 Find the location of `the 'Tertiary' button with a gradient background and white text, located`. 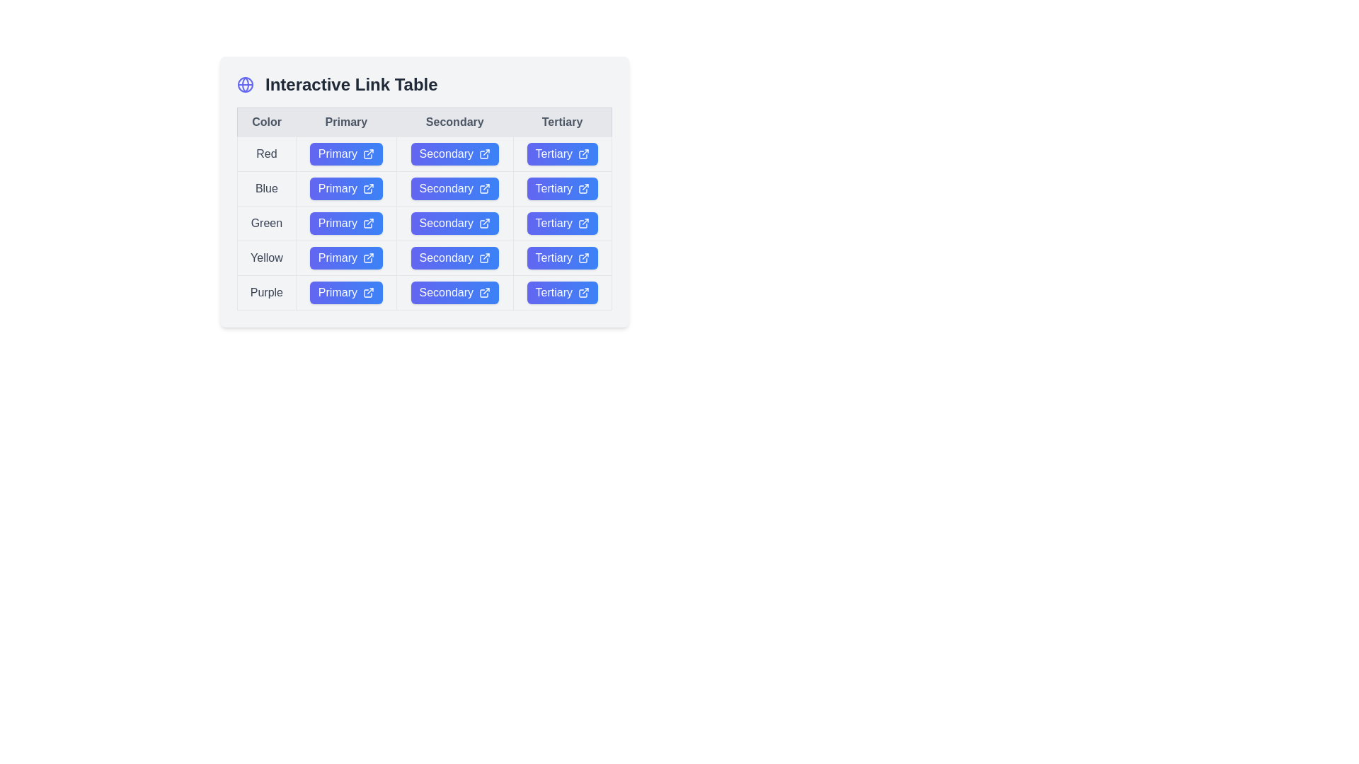

the 'Tertiary' button with a gradient background and white text, located is located at coordinates (561, 258).